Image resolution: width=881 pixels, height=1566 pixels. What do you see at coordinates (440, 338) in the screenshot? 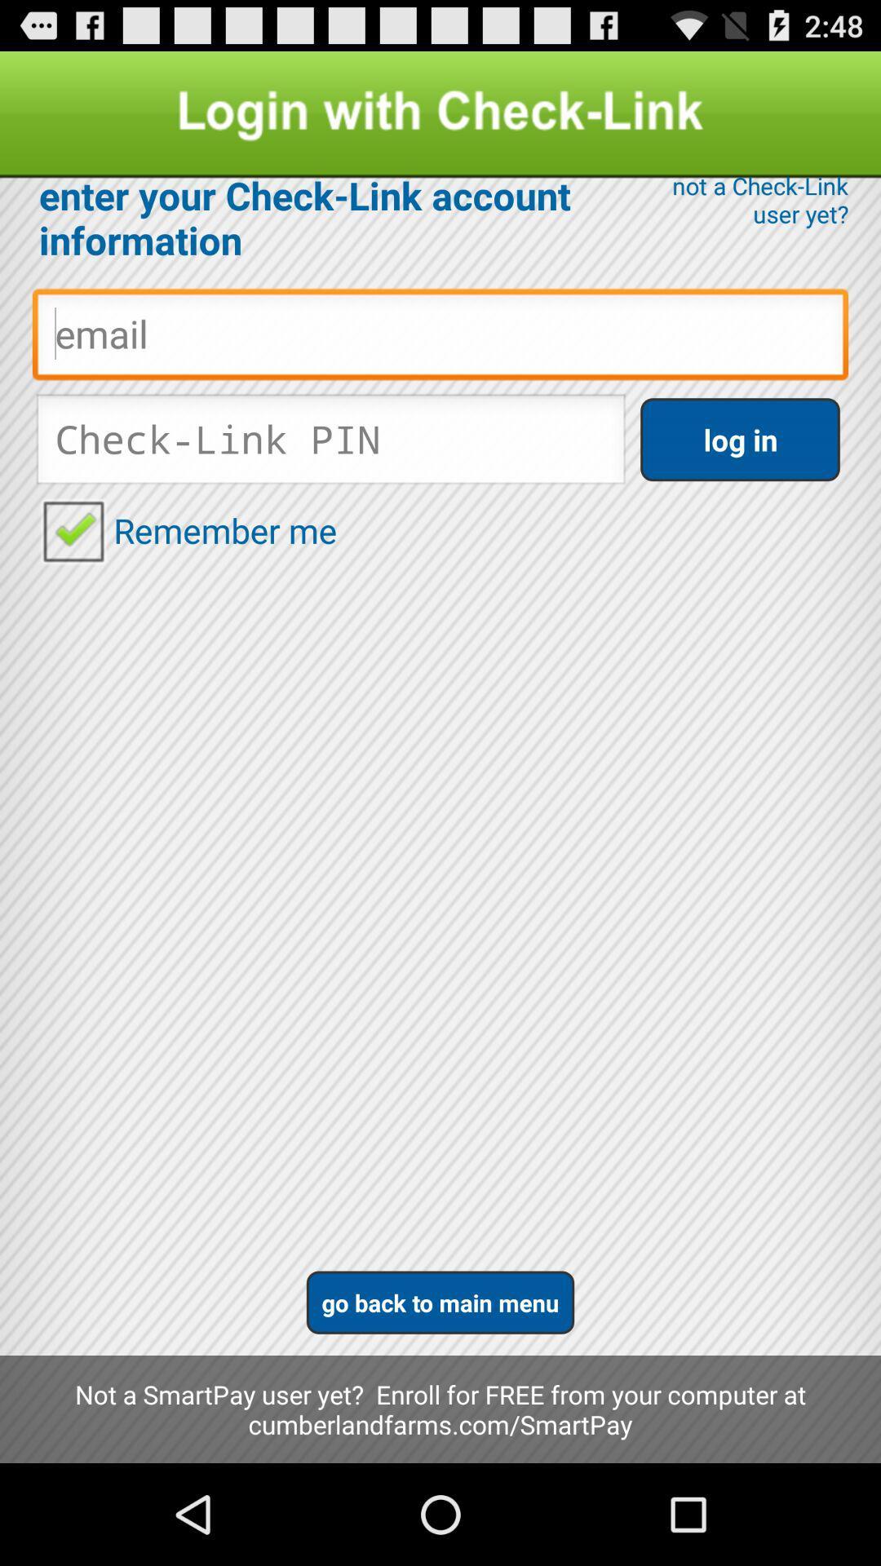
I see `put email` at bounding box center [440, 338].